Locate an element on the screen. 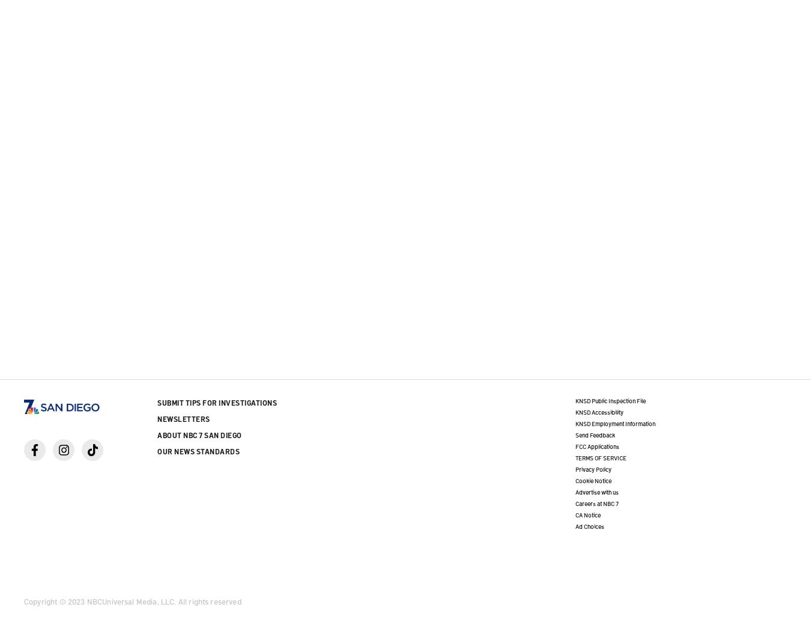 This screenshot has height=625, width=811. 'Copyright © 2023 NBCUniversal Media, LLC. All rights reserved' is located at coordinates (23, 601).